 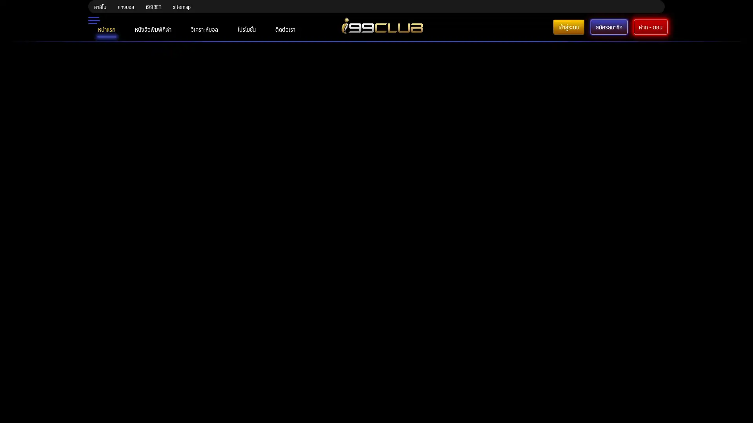 What do you see at coordinates (651, 27) in the screenshot?
I see `-` at bounding box center [651, 27].